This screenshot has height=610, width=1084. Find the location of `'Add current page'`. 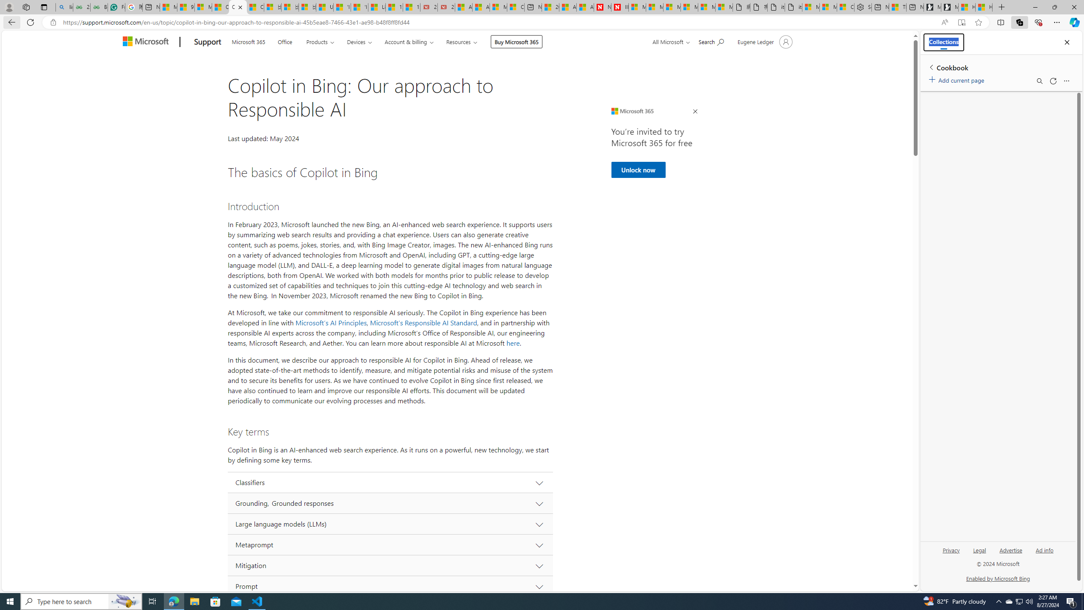

'Add current page' is located at coordinates (958, 78).